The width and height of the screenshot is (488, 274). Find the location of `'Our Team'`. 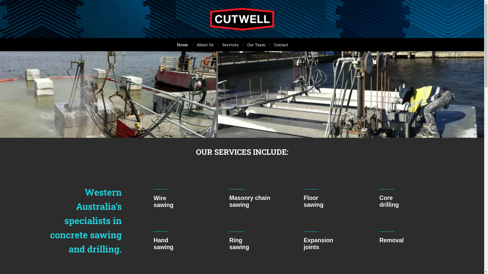

'Our Team' is located at coordinates (256, 44).